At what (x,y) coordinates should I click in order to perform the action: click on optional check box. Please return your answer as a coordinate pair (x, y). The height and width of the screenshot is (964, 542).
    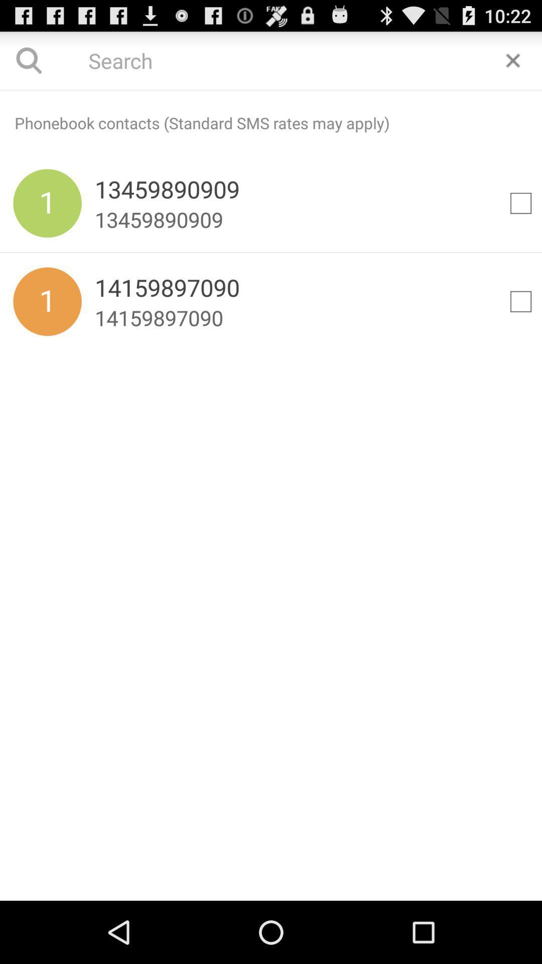
    Looking at the image, I should click on (520, 202).